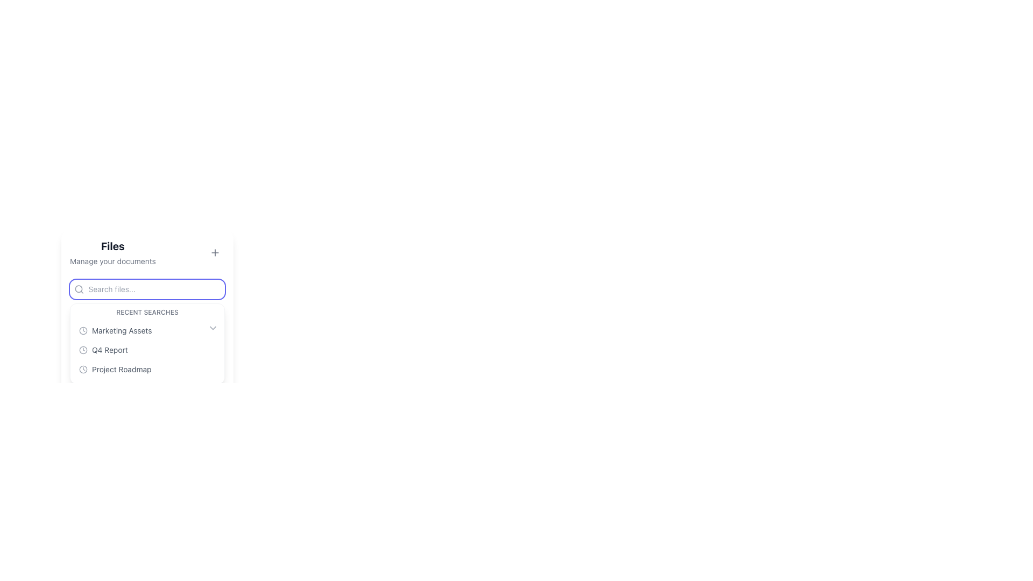 This screenshot has height=581, width=1033. What do you see at coordinates (211, 373) in the screenshot?
I see `the options button located at the far-right side of the 'Project Roadmap' entry in the 'RECENT SEARCHES' section` at bounding box center [211, 373].